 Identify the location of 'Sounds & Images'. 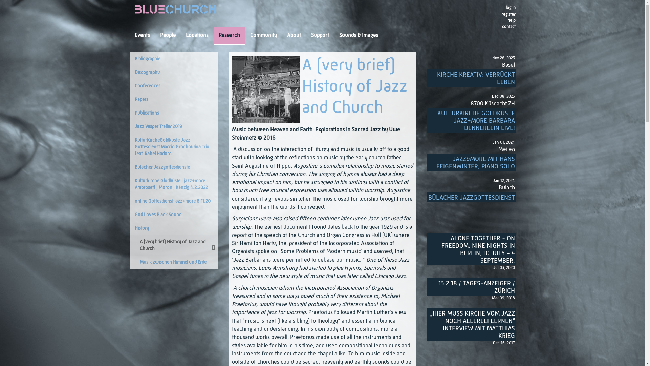
(358, 35).